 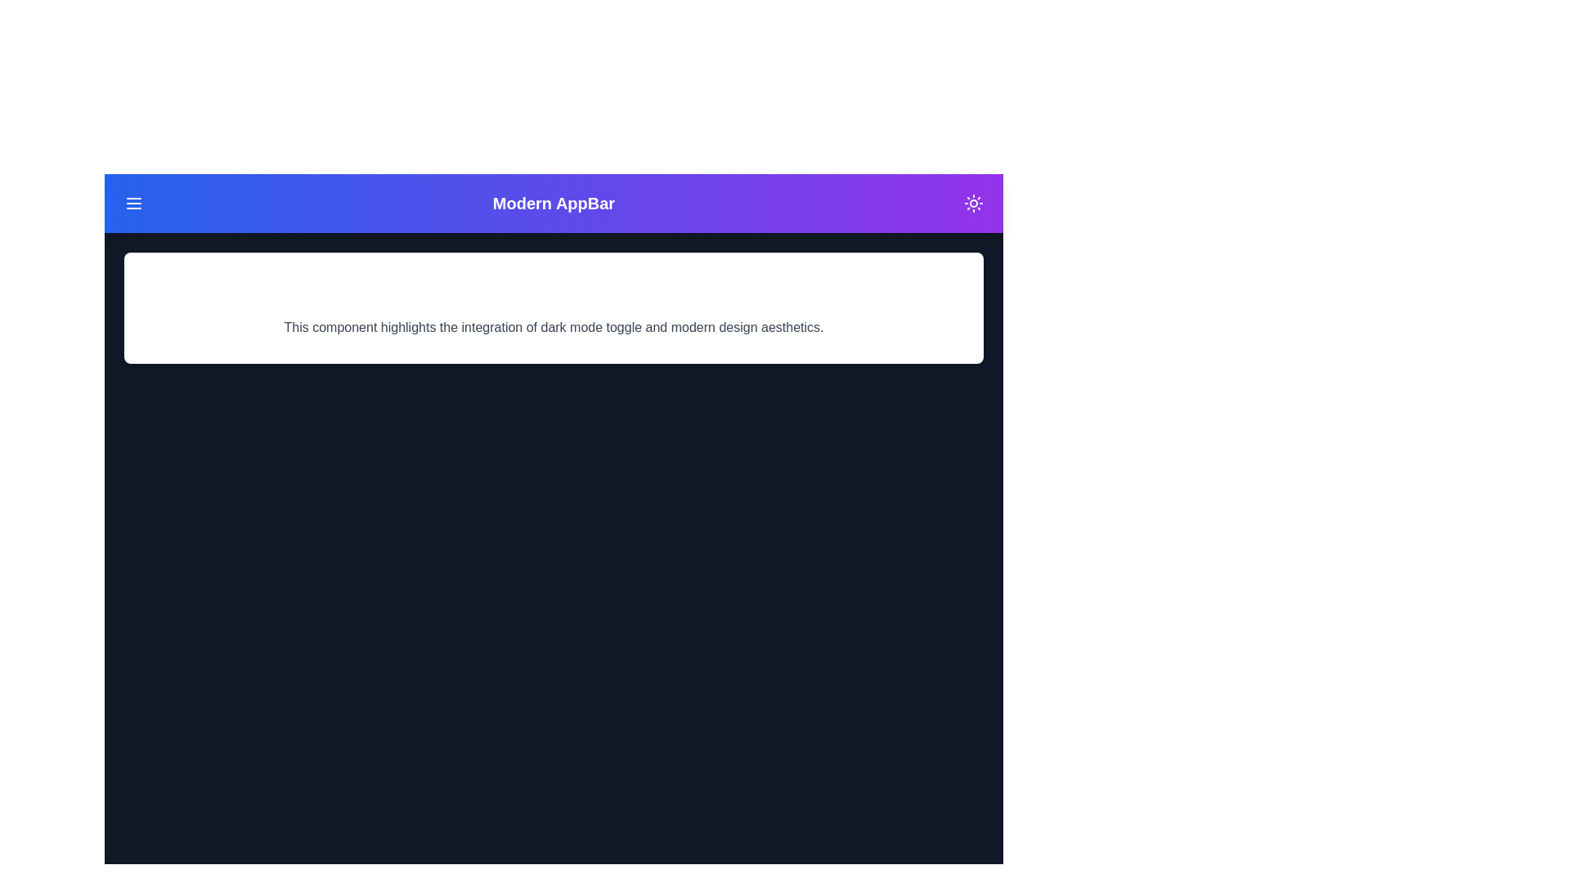 I want to click on the button on the right side of the app bar to toggle between dark and light modes, so click(x=973, y=203).